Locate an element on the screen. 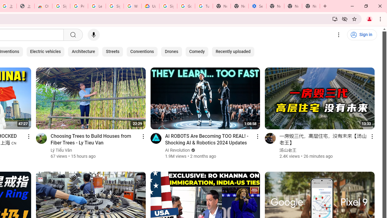 Image resolution: width=387 pixels, height=218 pixels. 'AI Revolution' is located at coordinates (177, 150).